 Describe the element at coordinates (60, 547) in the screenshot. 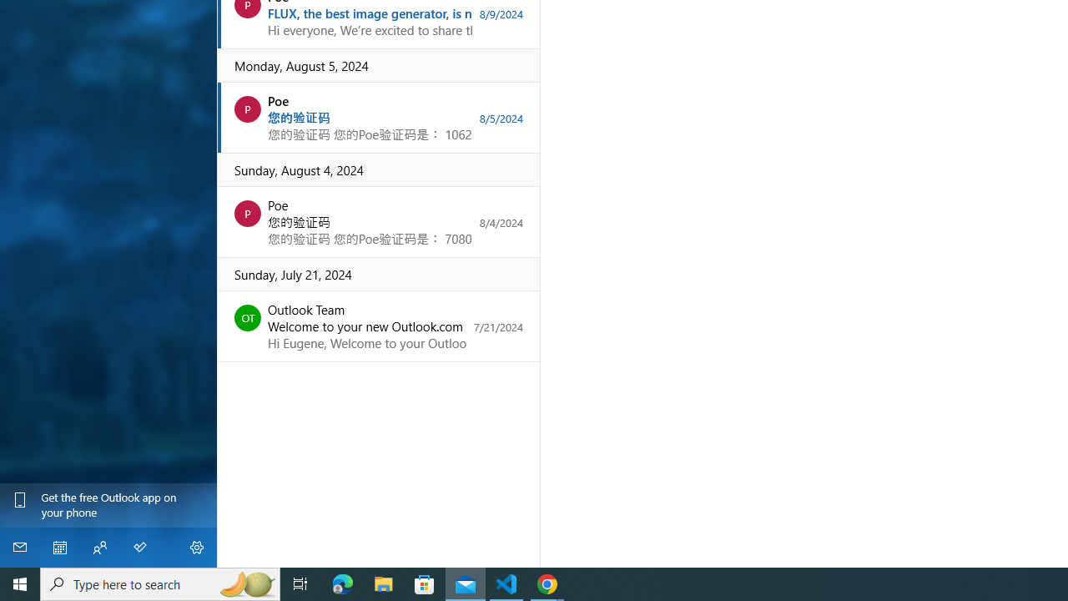

I see `'Switch to calendar'` at that location.